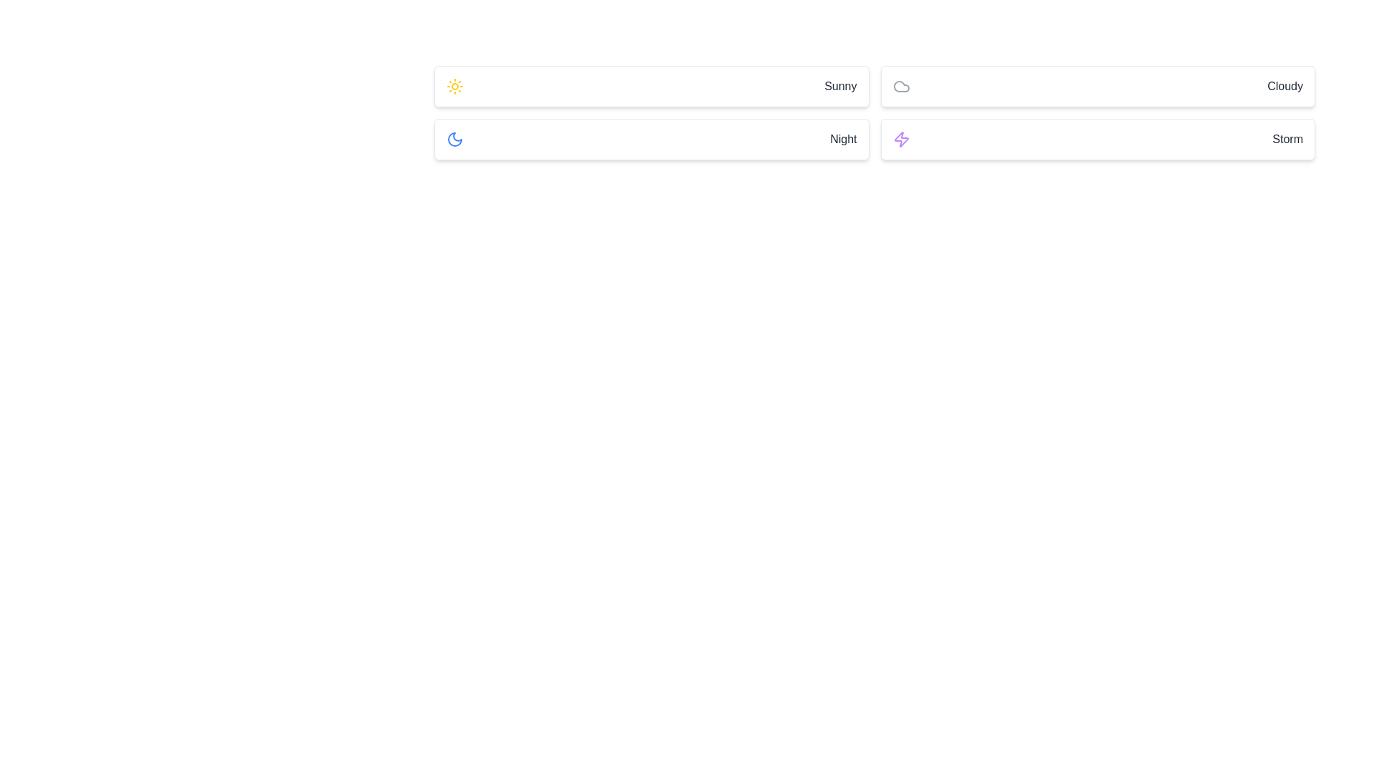 The width and height of the screenshot is (1374, 773). Describe the element at coordinates (900, 140) in the screenshot. I see `the purple lightning bolt icon located in the top-right card of the weather conditions grid, specifically on the left side of the card labeled 'Storm'` at that location.